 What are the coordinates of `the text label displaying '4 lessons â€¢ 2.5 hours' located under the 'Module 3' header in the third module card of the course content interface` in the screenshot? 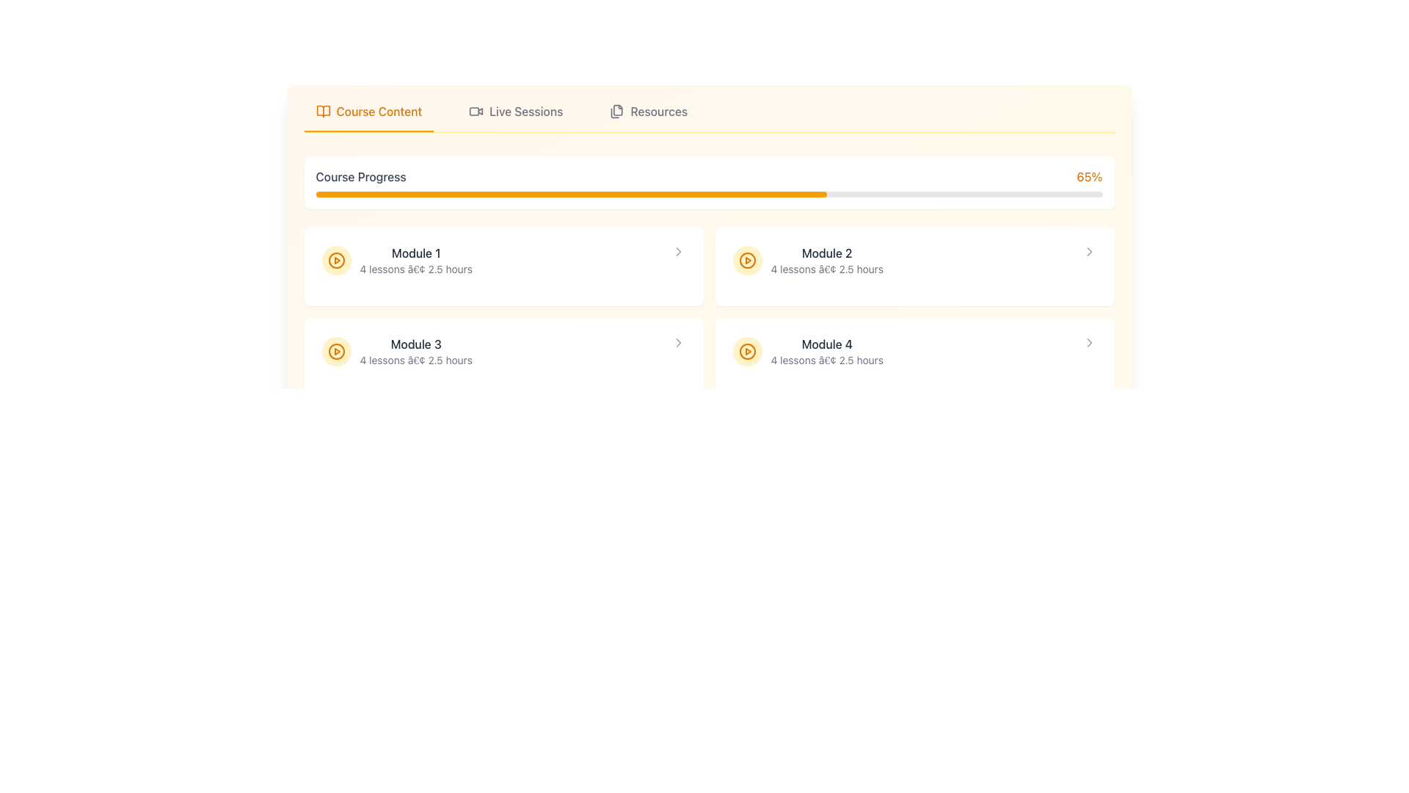 It's located at (415, 360).